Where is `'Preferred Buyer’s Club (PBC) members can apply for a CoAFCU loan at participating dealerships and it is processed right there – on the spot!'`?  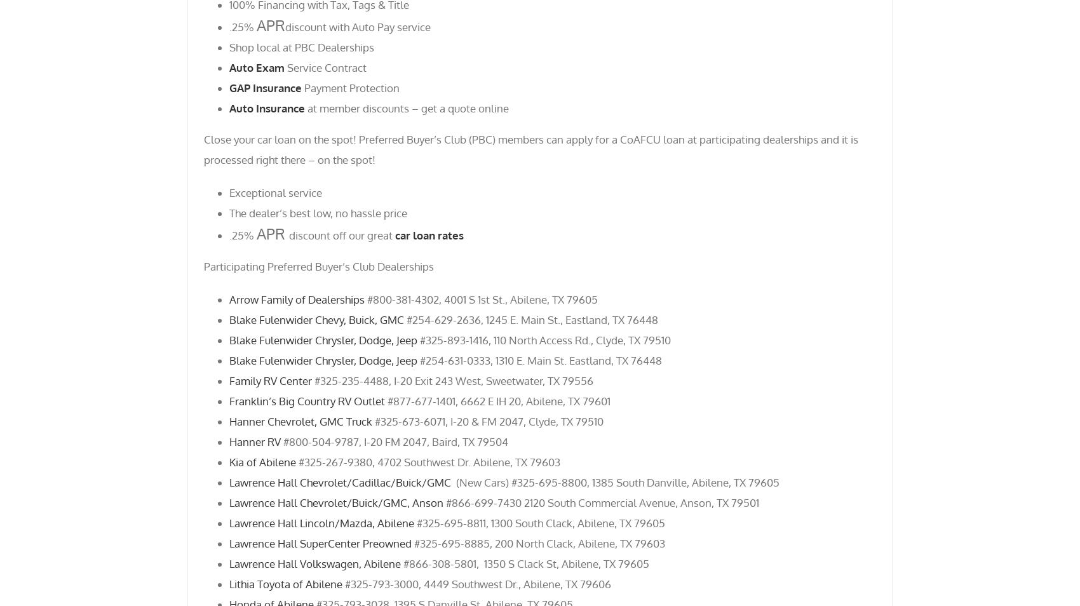
'Preferred Buyer’s Club (PBC) members can apply for a CoAFCU loan at participating dealerships and it is processed right there – on the spot!' is located at coordinates (530, 148).